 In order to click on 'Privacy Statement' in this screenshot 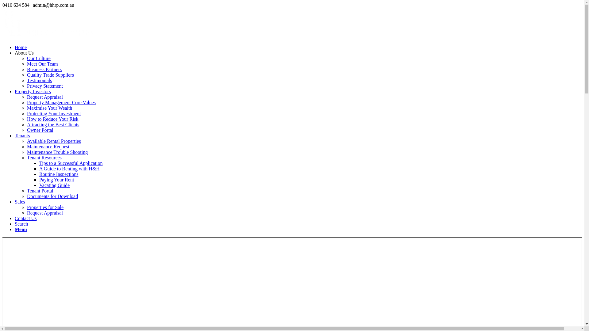, I will do `click(44, 86)`.